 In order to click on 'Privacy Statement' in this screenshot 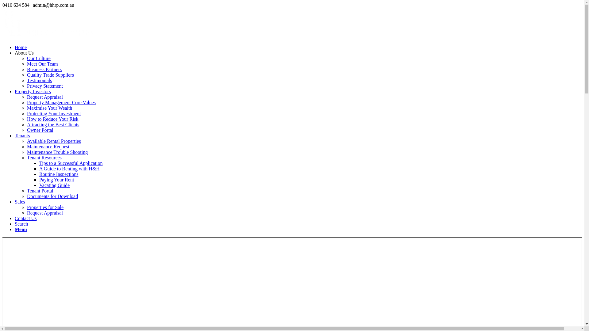, I will do `click(44, 86)`.